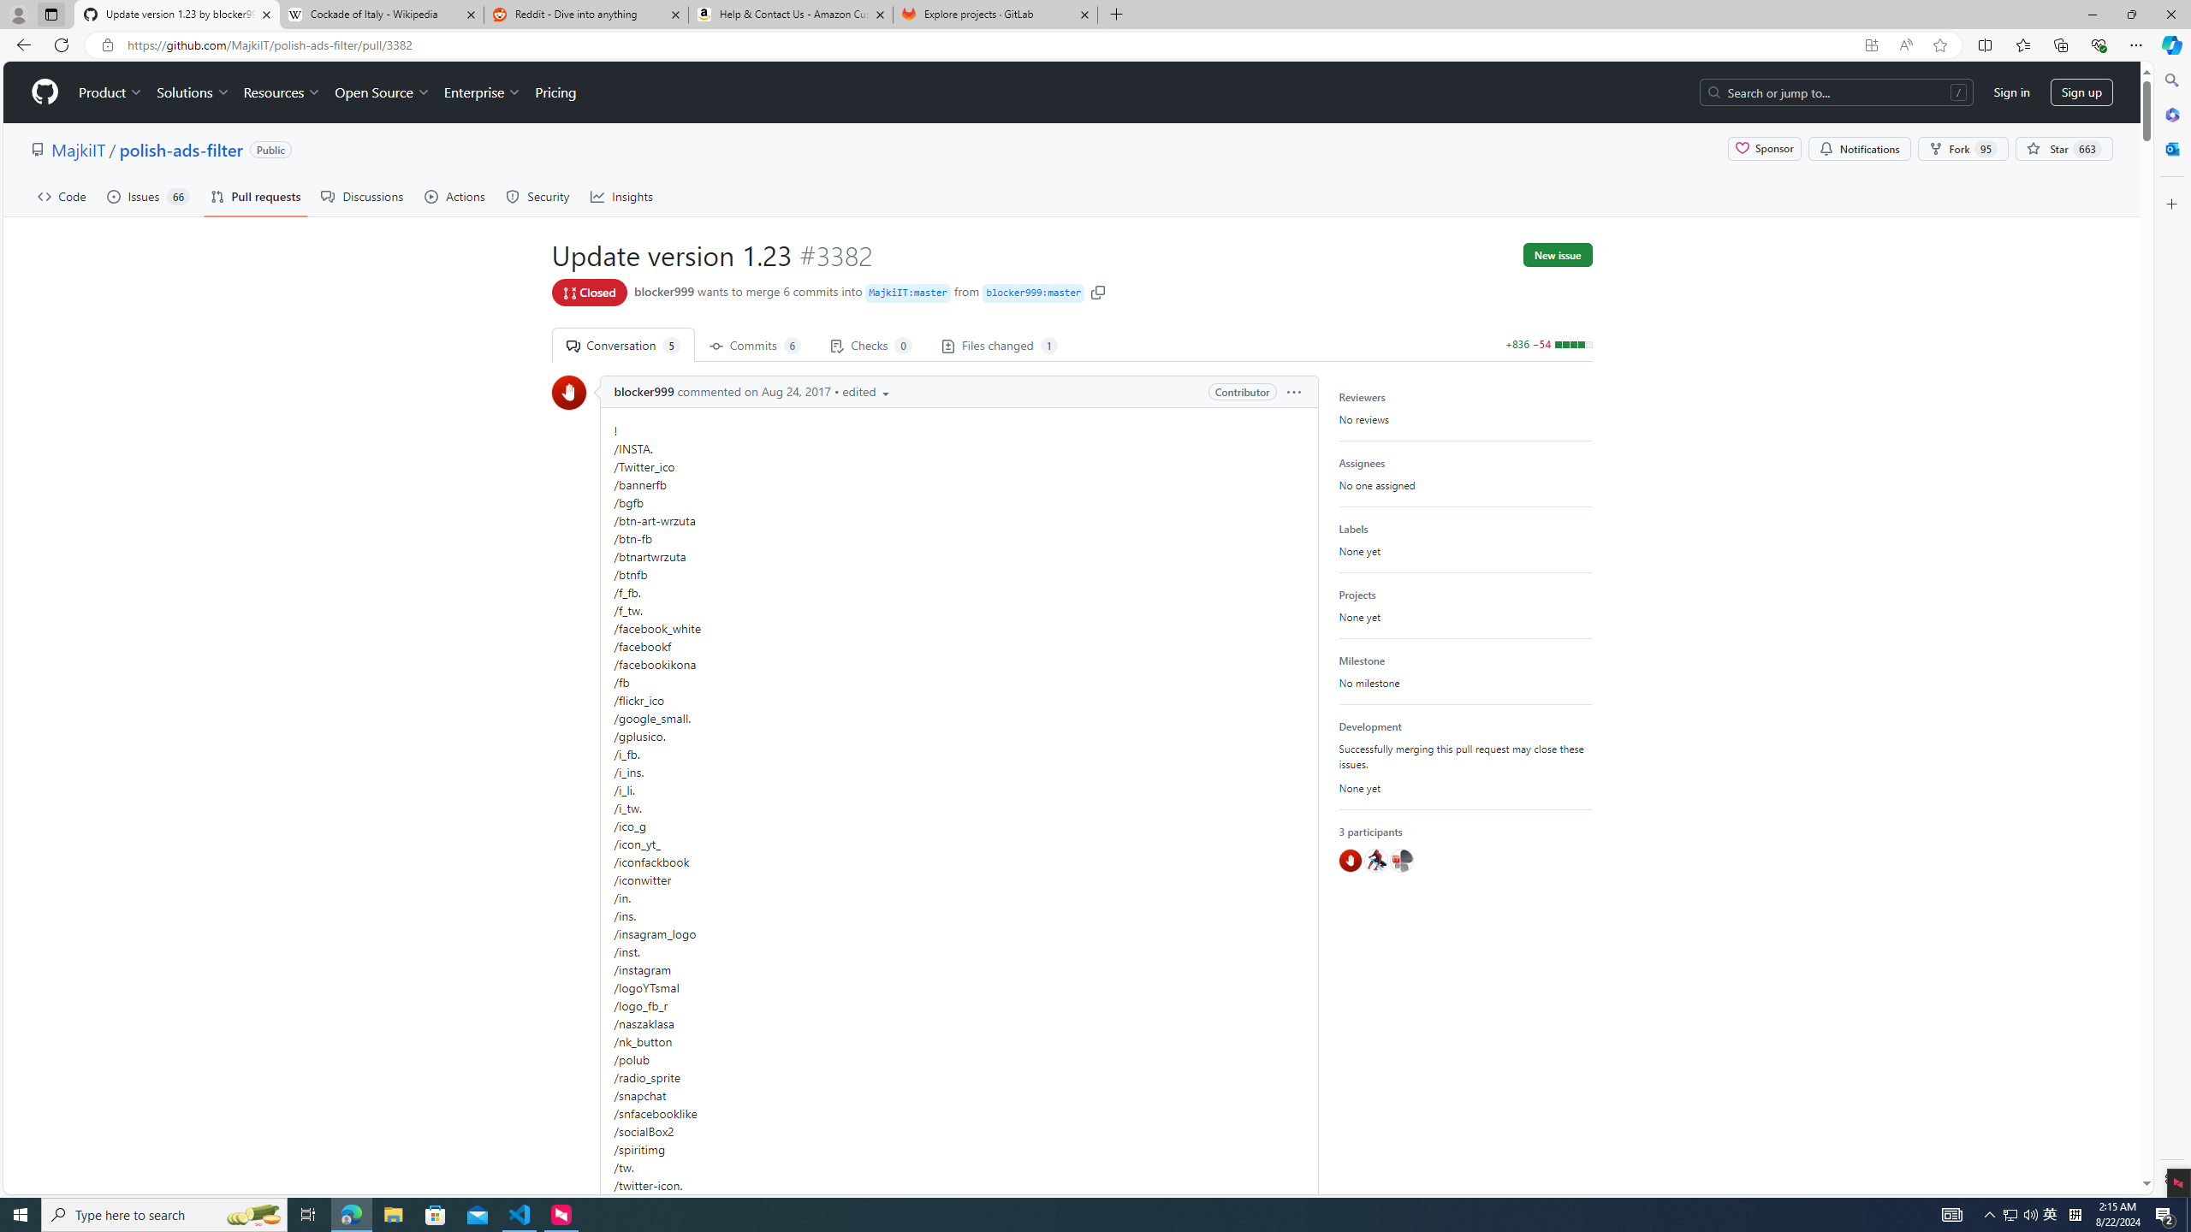  Describe the element at coordinates (786, 390) in the screenshot. I see `'on Aug 24, 2017'` at that location.